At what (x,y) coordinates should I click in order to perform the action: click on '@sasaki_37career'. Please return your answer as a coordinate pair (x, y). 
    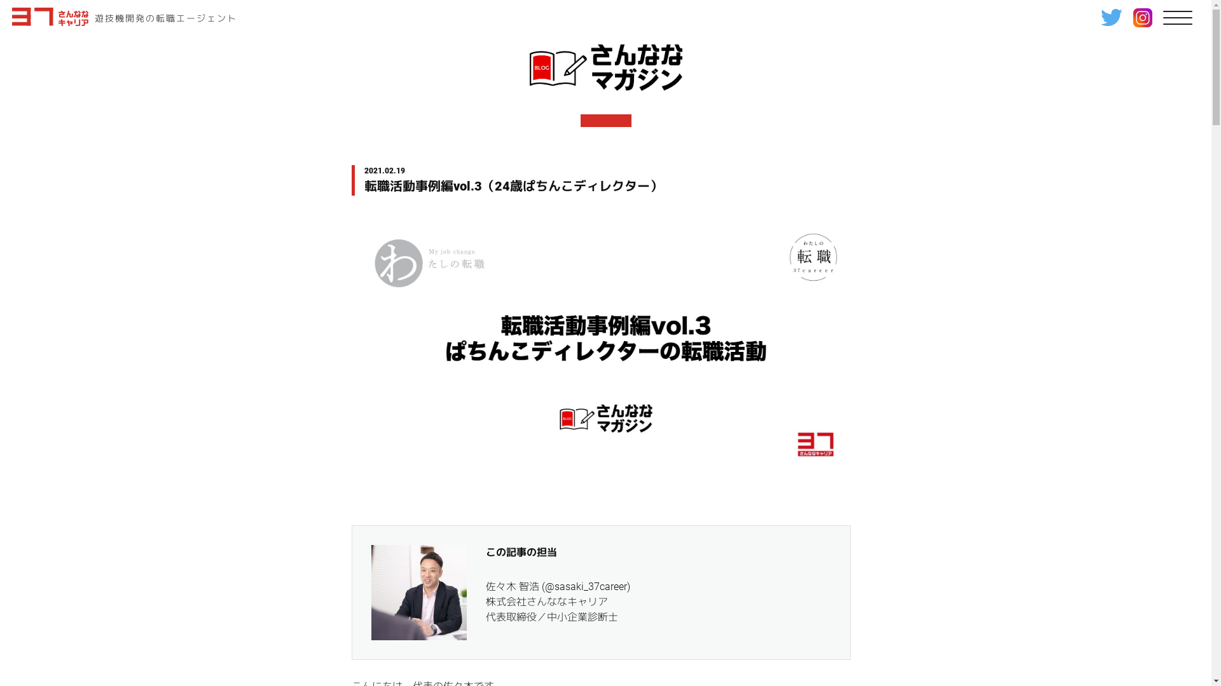
    Looking at the image, I should click on (544, 586).